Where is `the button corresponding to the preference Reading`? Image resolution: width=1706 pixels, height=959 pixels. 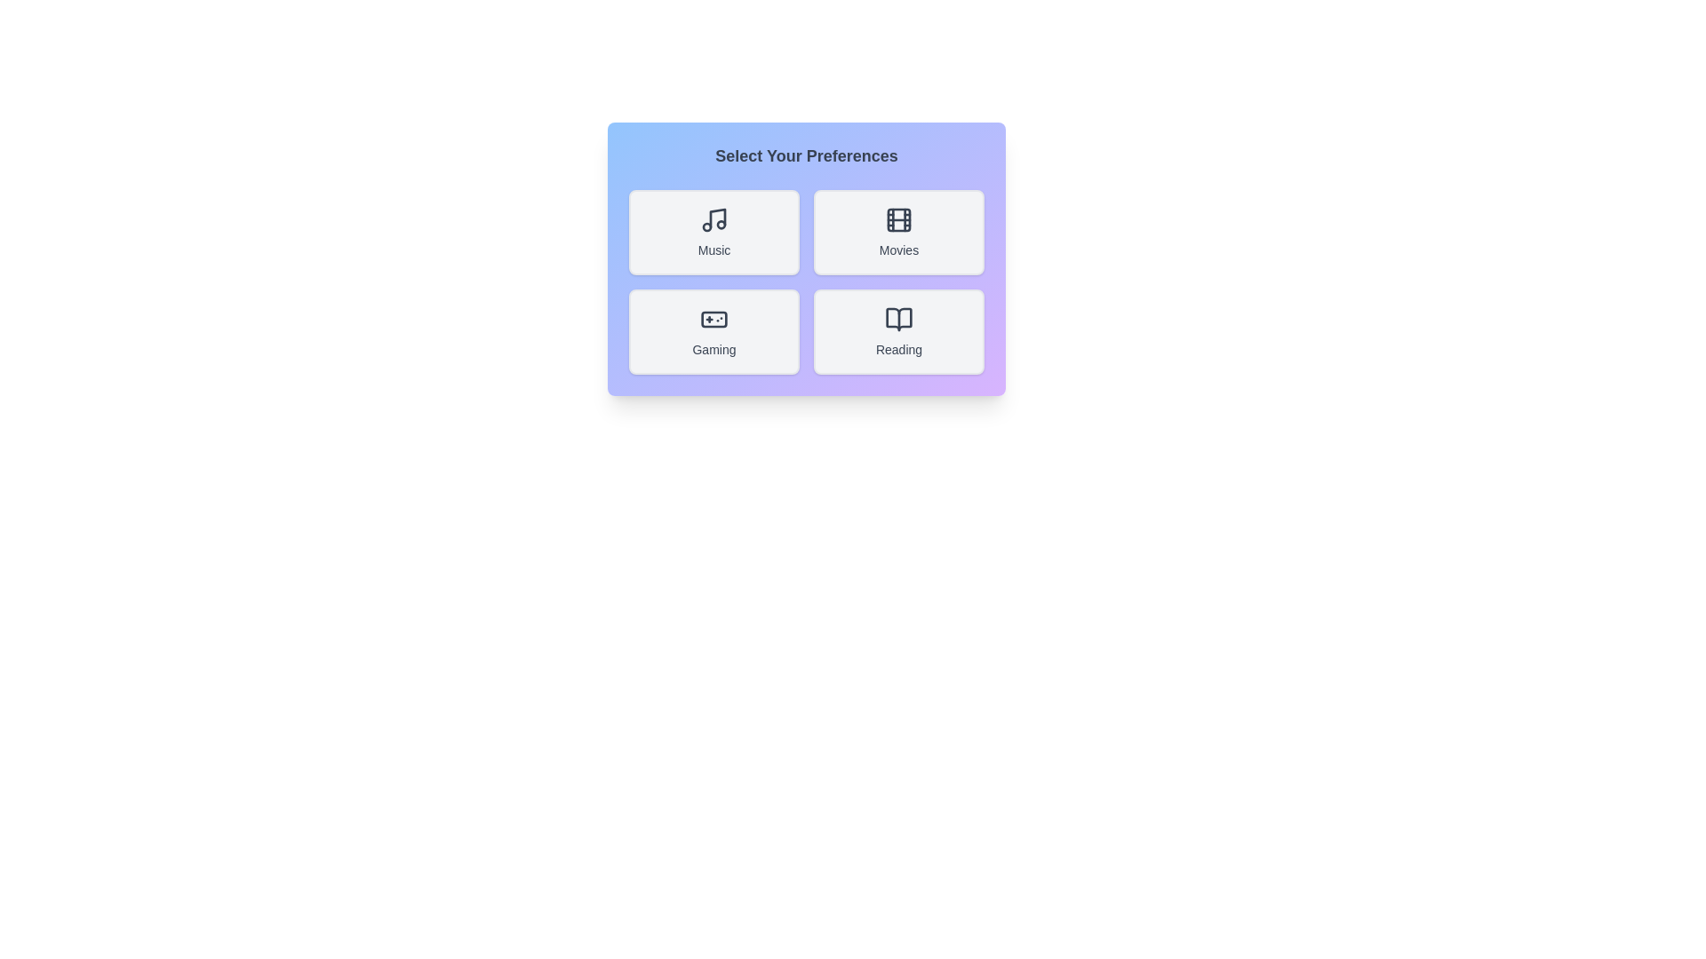
the button corresponding to the preference Reading is located at coordinates (899, 332).